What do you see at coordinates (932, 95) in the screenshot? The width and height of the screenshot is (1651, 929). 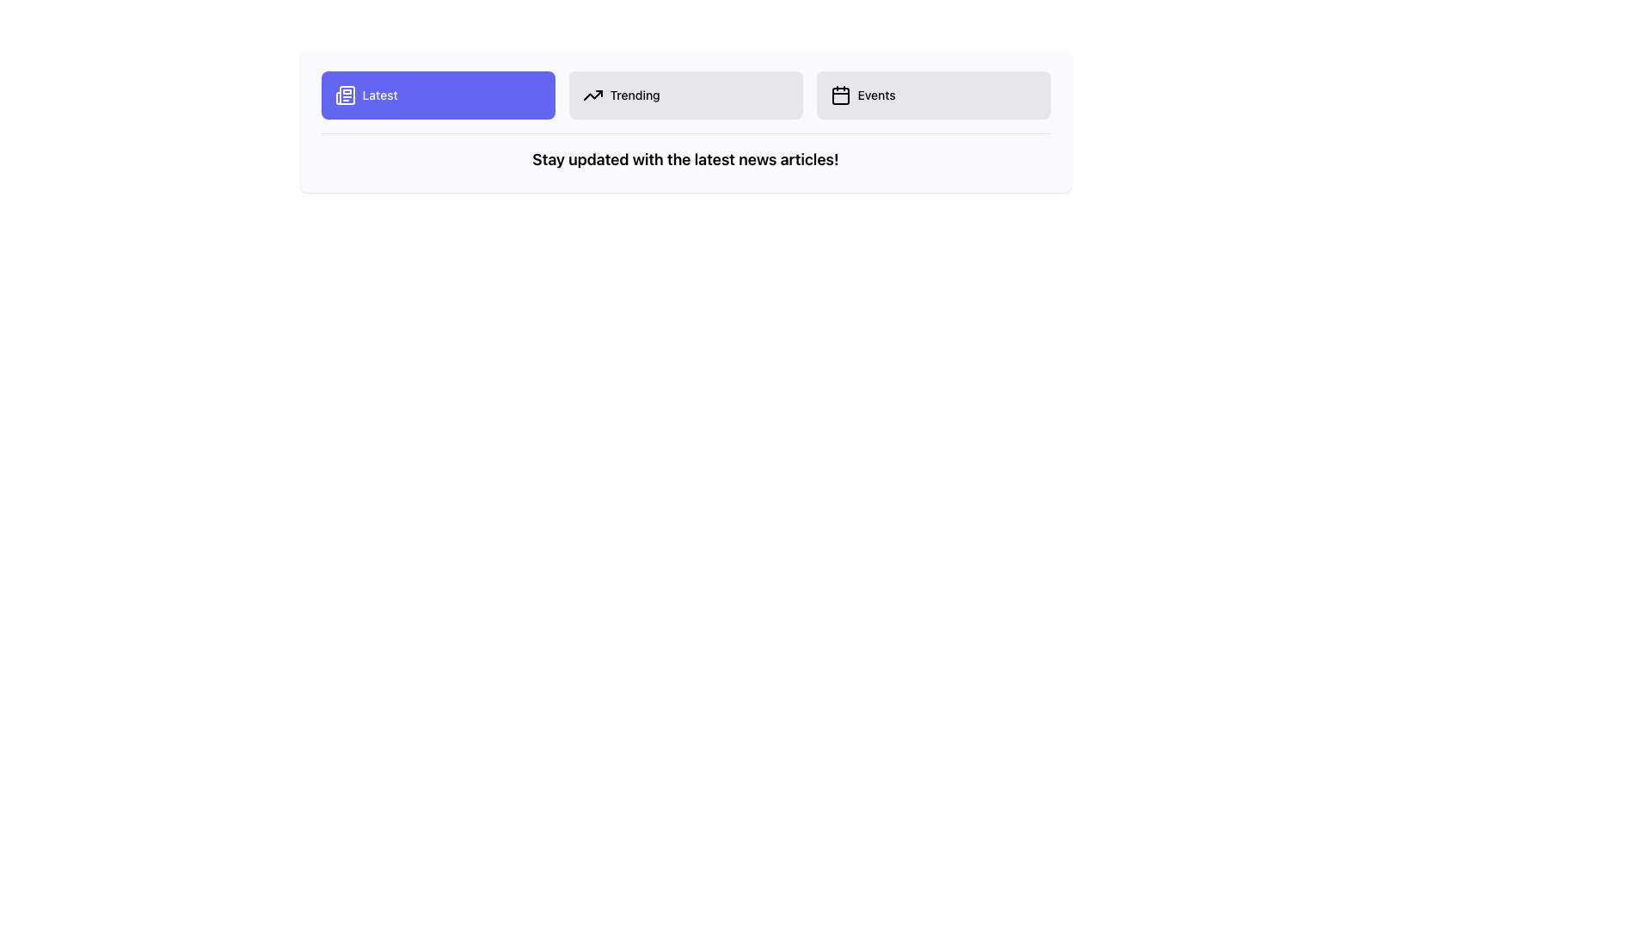 I see `the 'Events' button, which is the rightmost button in a group of three` at bounding box center [932, 95].